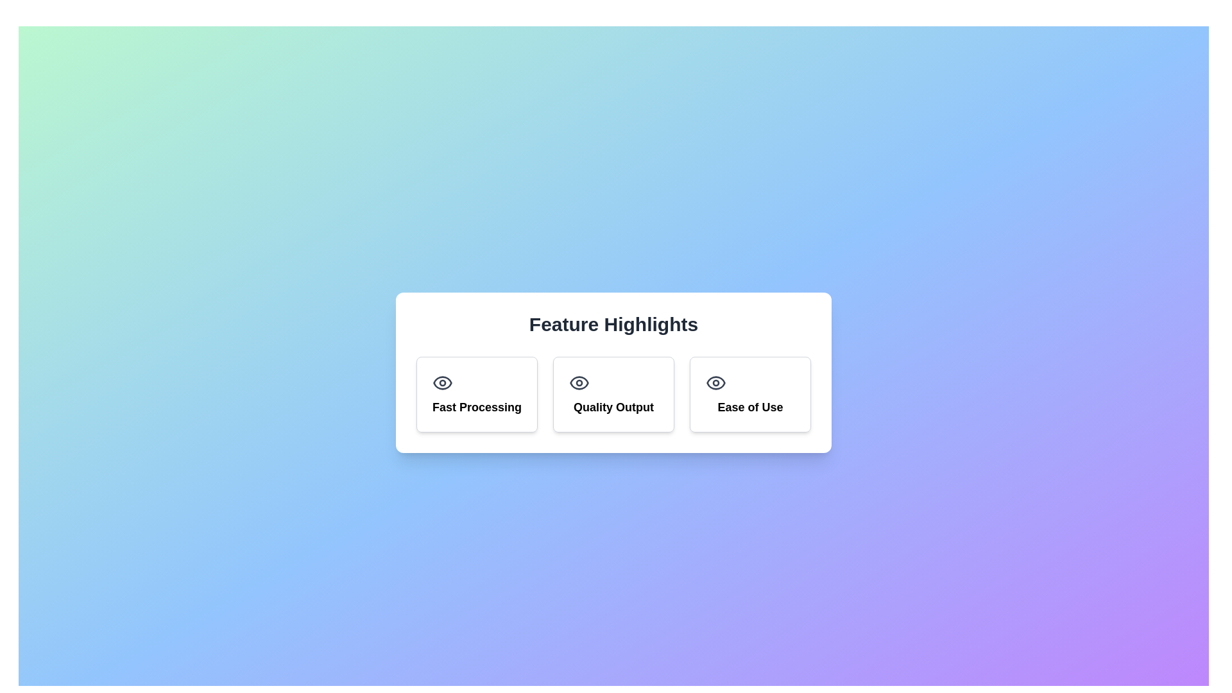  What do you see at coordinates (476, 407) in the screenshot?
I see `text label displaying 'Fast Processing', which is styled in bold and larger font, located below an eye icon within the leftmost box under the heading 'Feature Highlights'` at bounding box center [476, 407].